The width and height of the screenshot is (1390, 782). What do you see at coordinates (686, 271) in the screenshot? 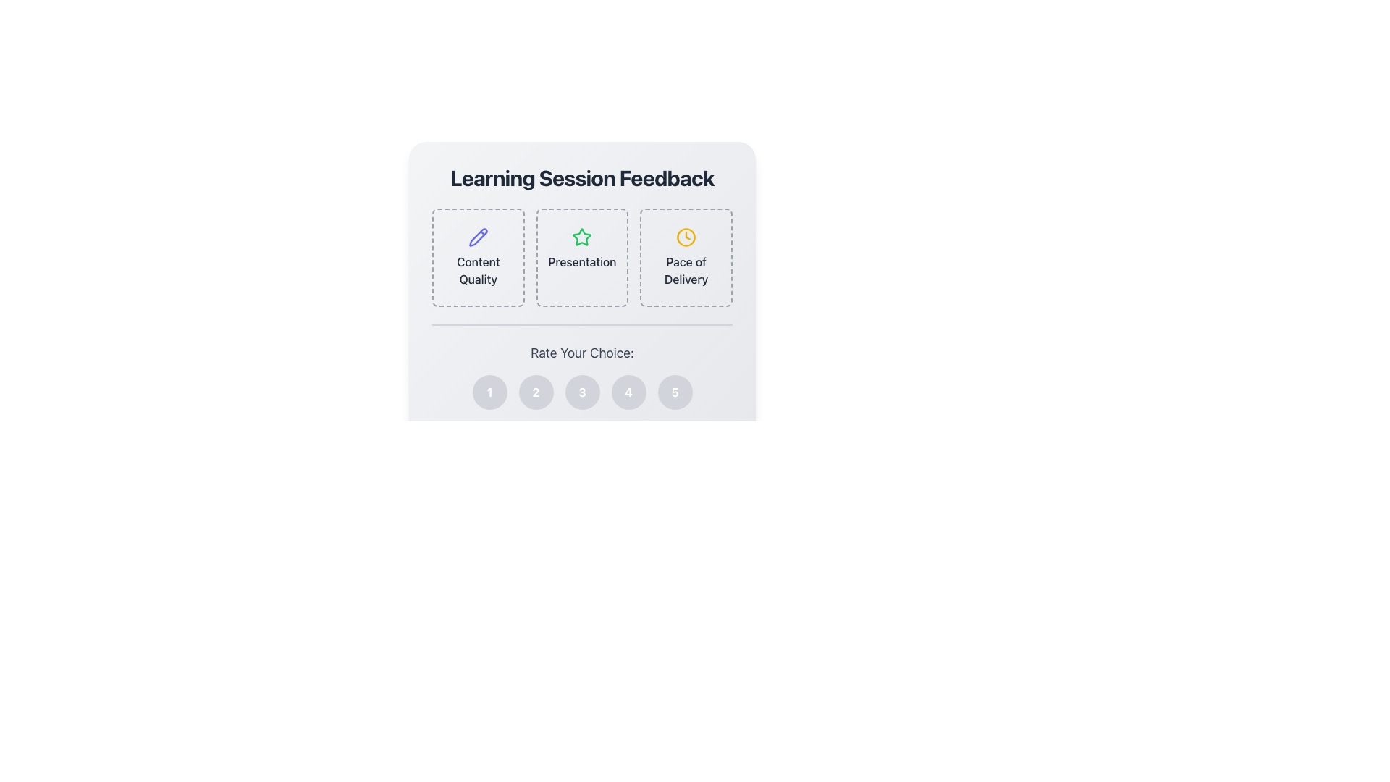
I see `the 'Pace of Delivery' text label, which is styled in dark gray and located below a yellow clock icon within a dashed-bordered box` at bounding box center [686, 271].